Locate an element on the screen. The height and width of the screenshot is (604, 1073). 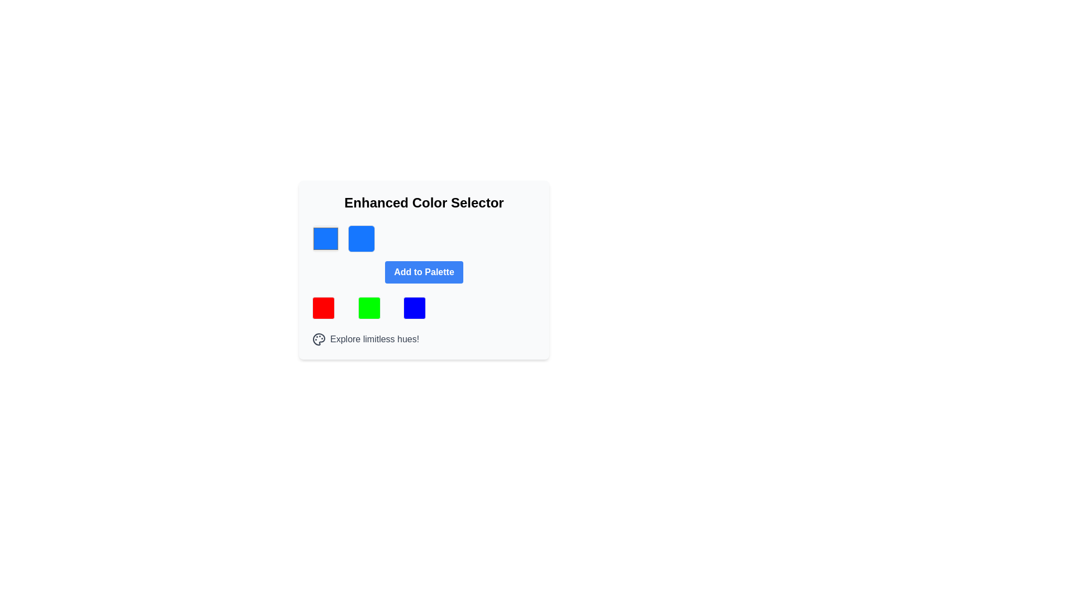
the blue button labeled 'Add to Palette' to trigger the hover effect, positioned centrally within the 'Enhanced Color Selector' section is located at coordinates (423, 270).